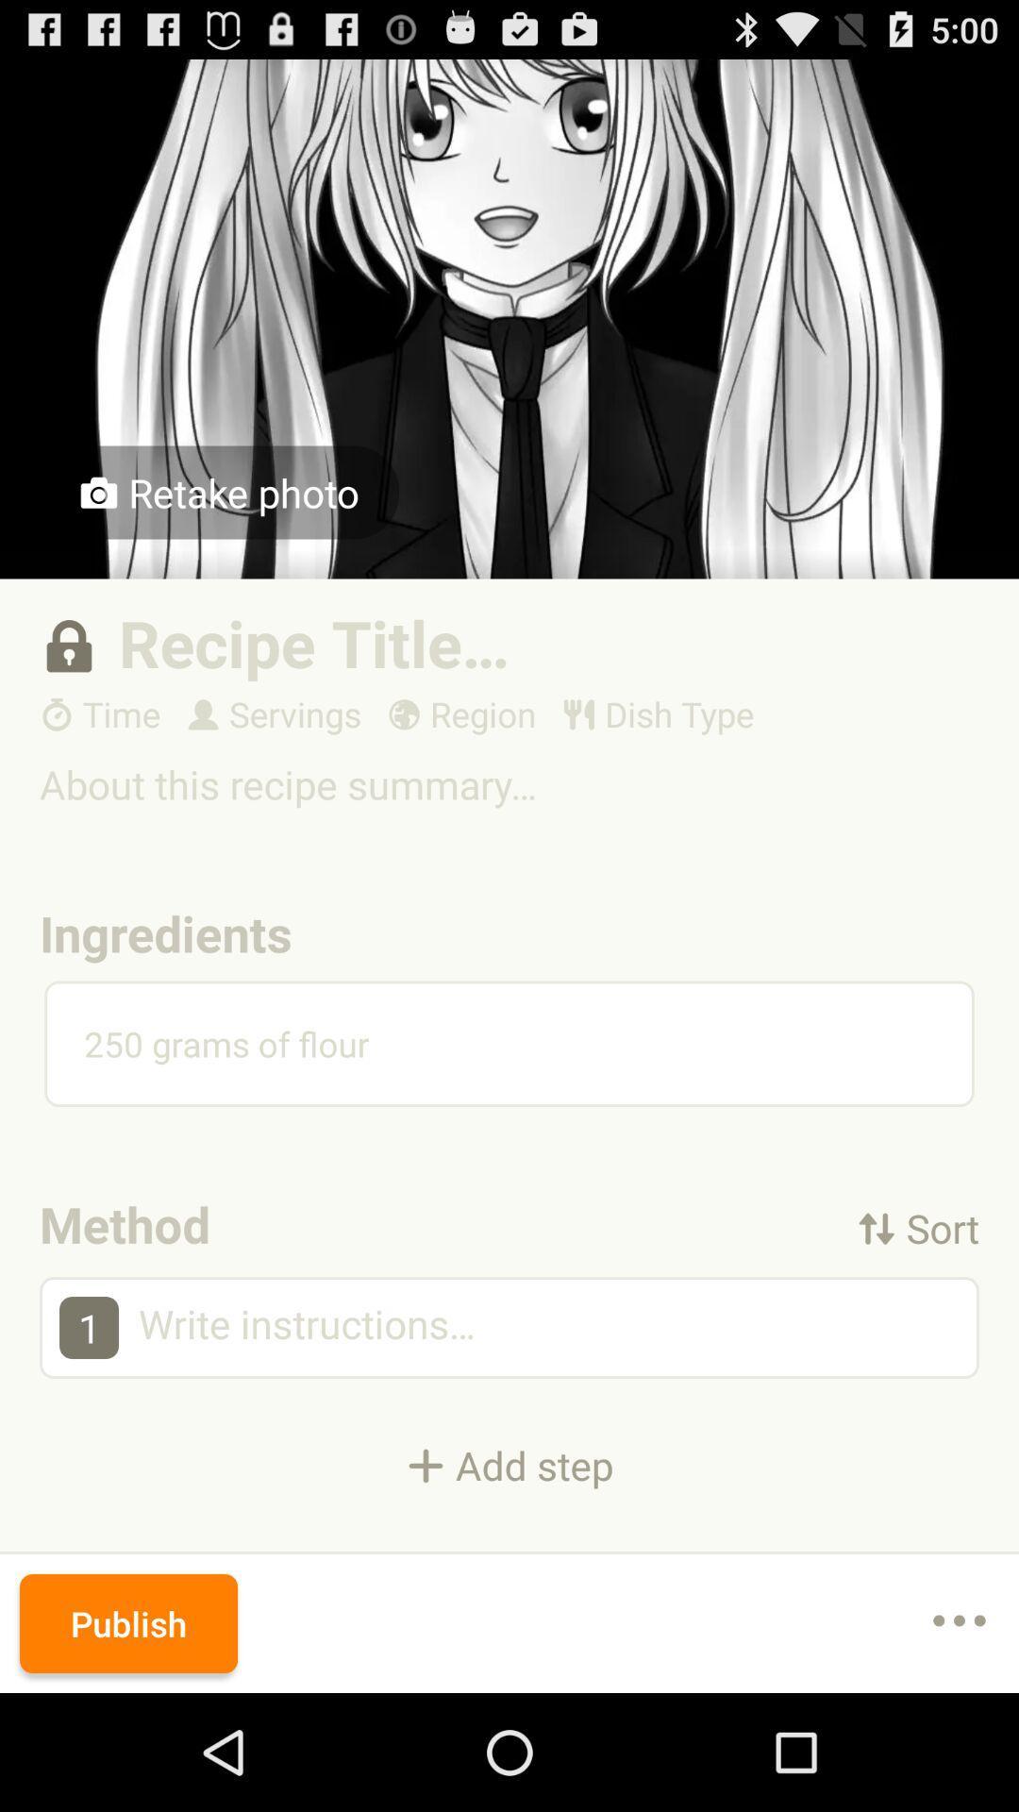  What do you see at coordinates (127, 1622) in the screenshot?
I see `publish icon` at bounding box center [127, 1622].